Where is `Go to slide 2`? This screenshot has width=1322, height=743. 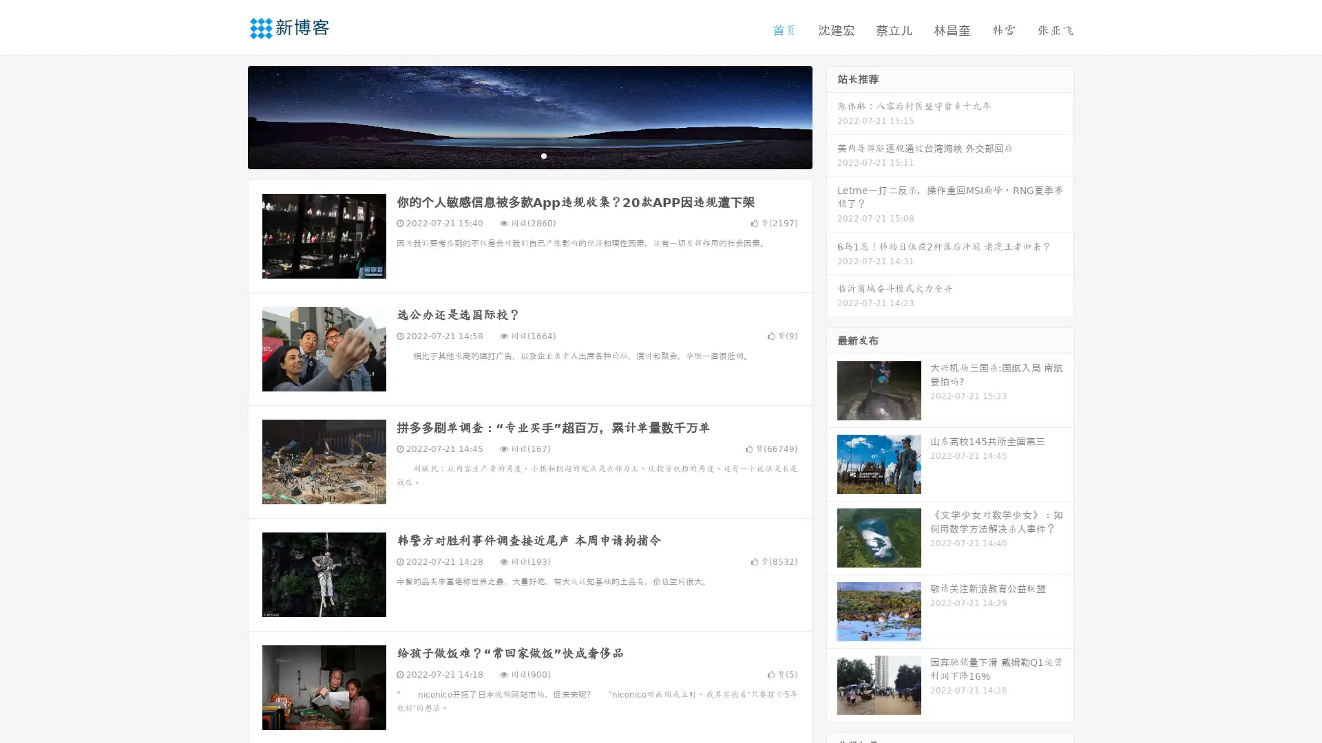
Go to slide 2 is located at coordinates (529, 155).